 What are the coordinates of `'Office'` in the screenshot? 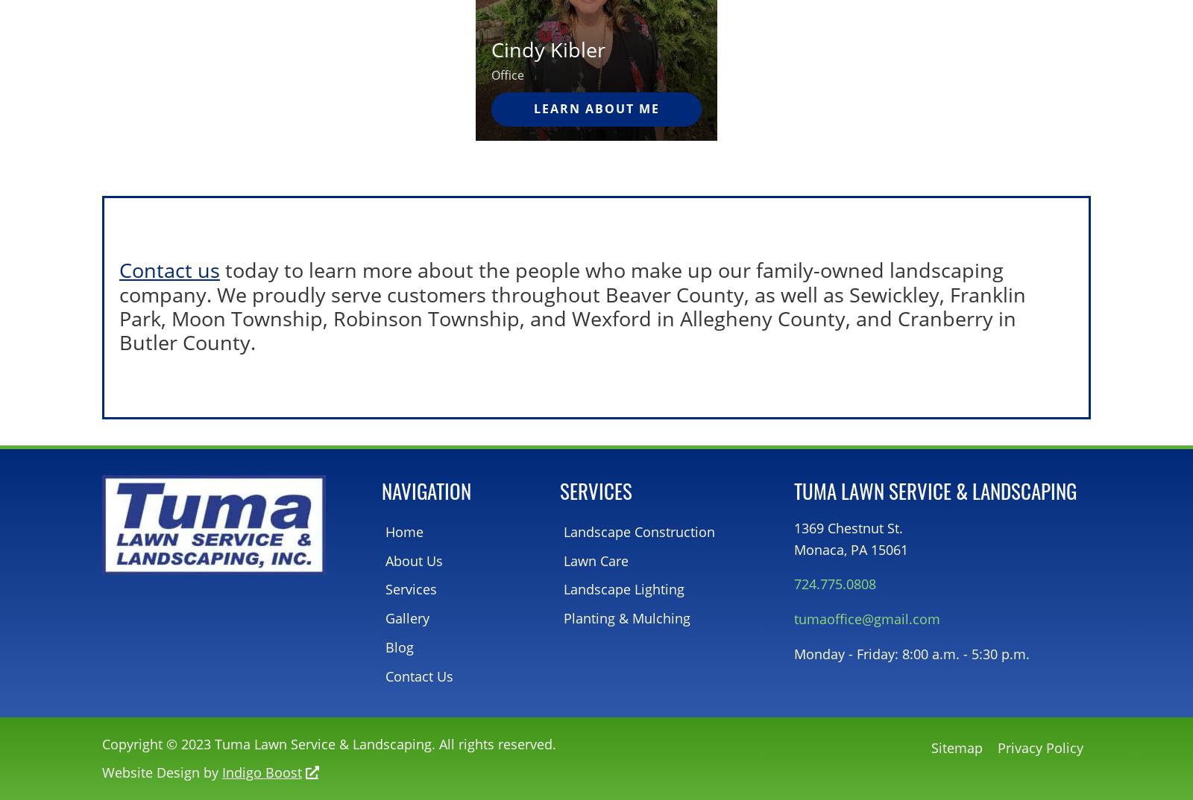 It's located at (507, 74).